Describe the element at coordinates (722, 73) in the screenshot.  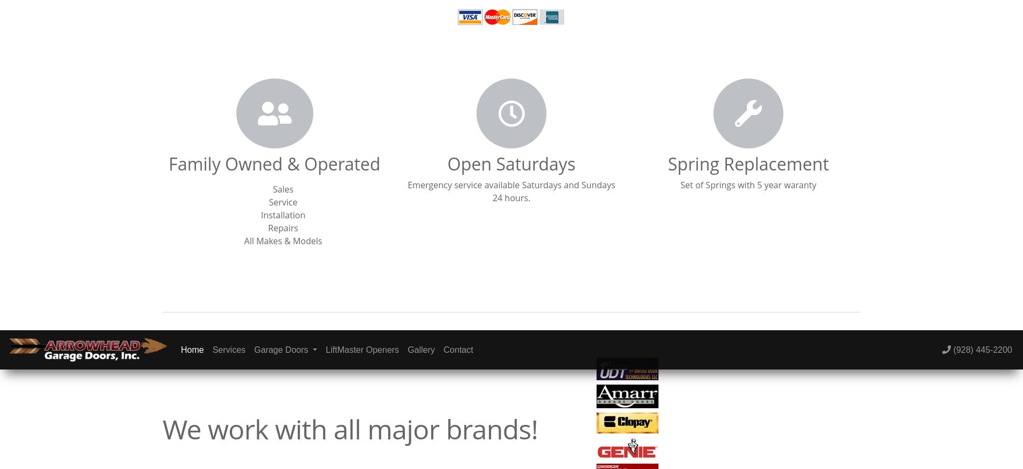
I see `'Prescott:'` at that location.